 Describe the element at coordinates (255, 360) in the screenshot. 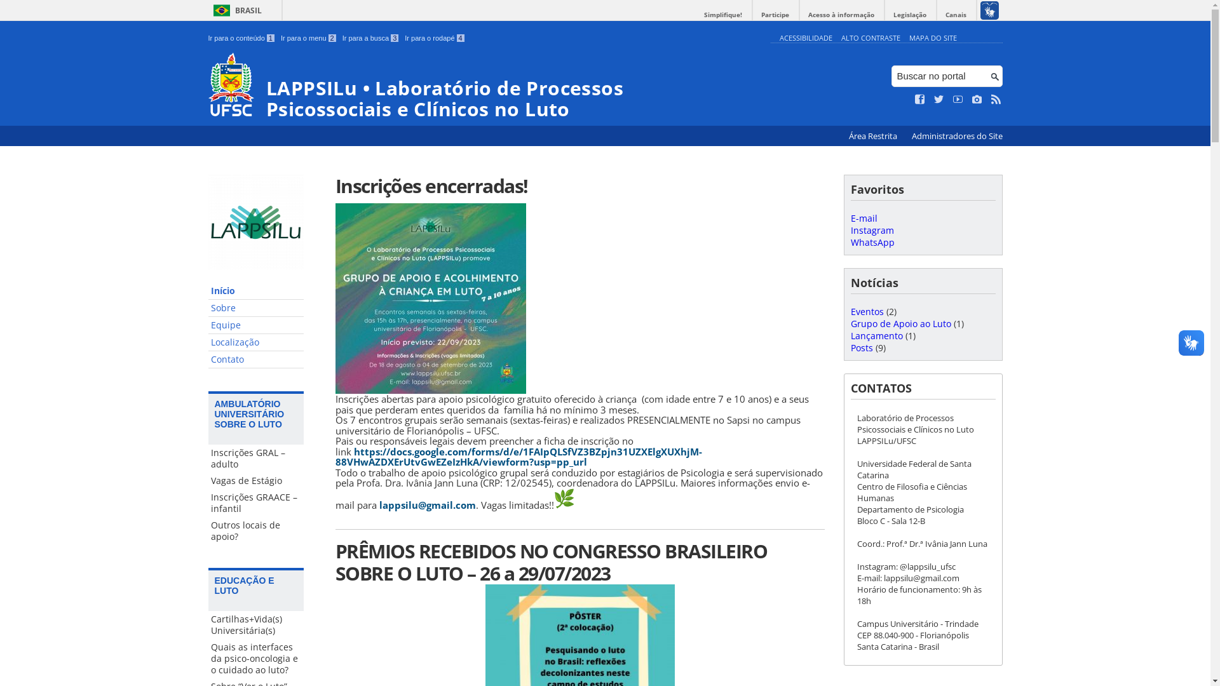

I see `'Contato'` at that location.